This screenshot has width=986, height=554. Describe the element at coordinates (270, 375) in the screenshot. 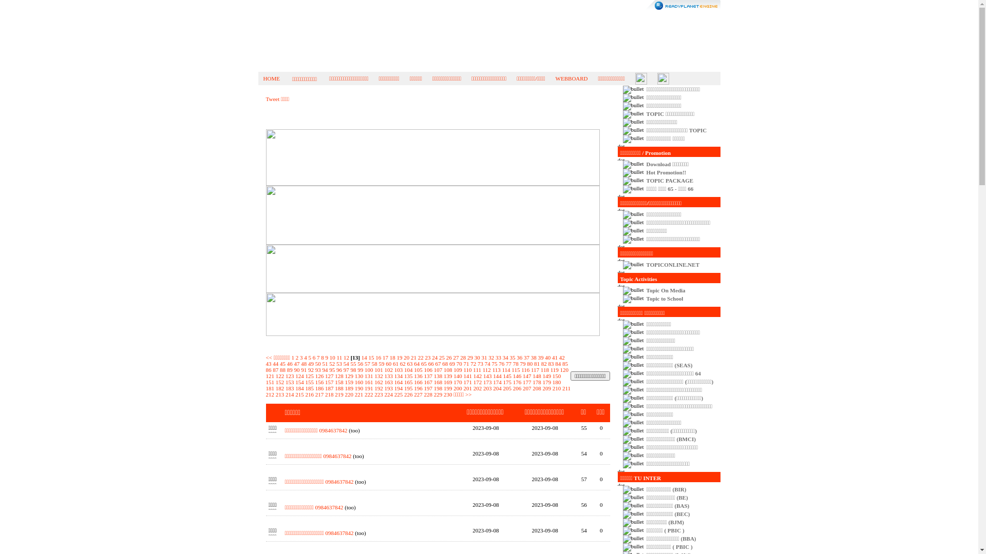

I see `'121'` at that location.